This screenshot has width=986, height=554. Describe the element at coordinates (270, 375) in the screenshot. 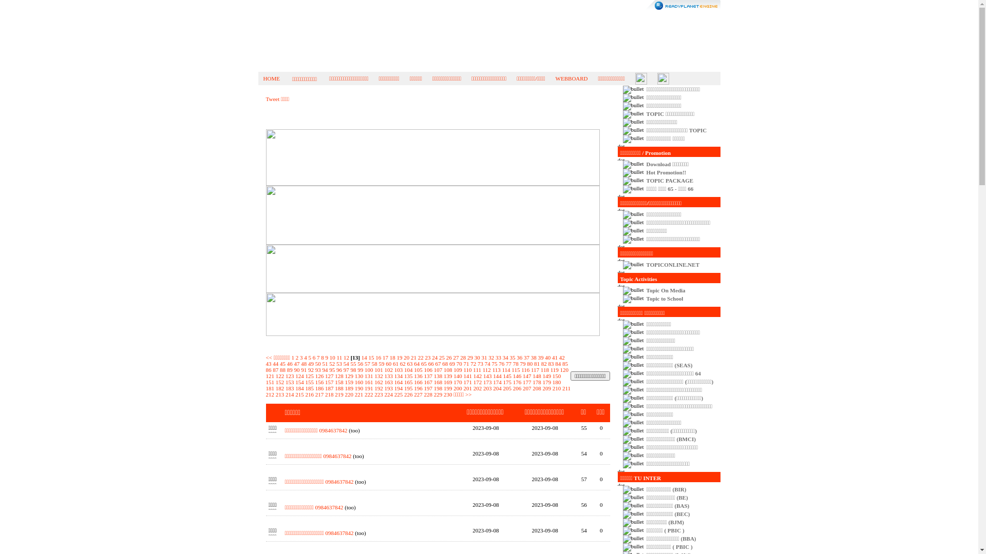

I see `'121'` at that location.